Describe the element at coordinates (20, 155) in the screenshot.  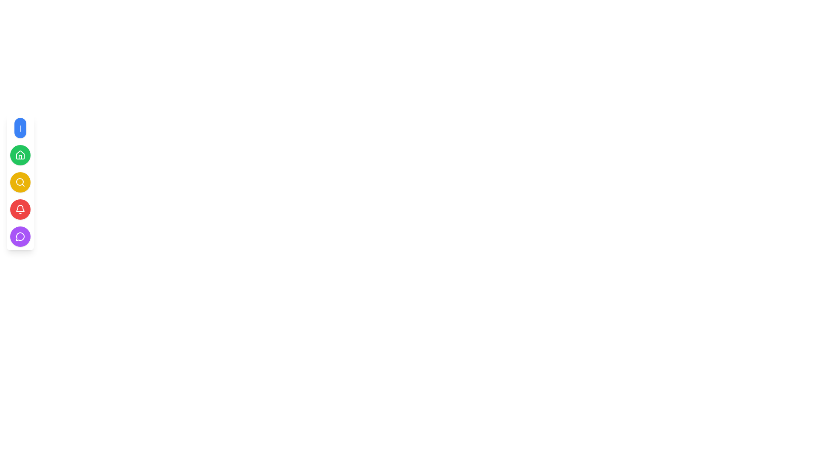
I see `the home icon button, which is a green circular button with a white outlined house icon, located below the blue circular button in the vertical navigation menu` at that location.